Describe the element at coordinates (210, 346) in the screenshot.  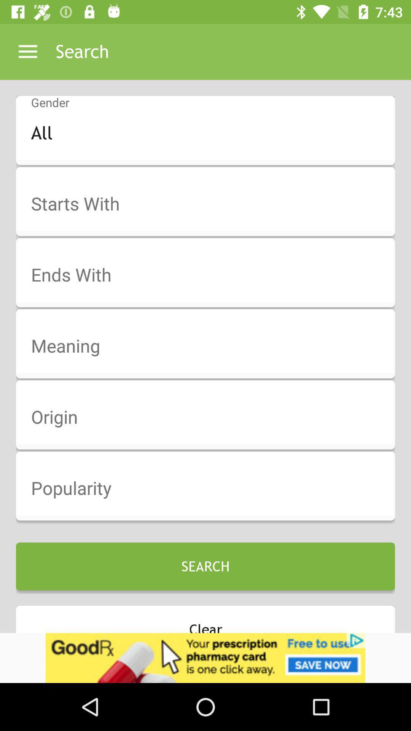
I see `meaning option` at that location.